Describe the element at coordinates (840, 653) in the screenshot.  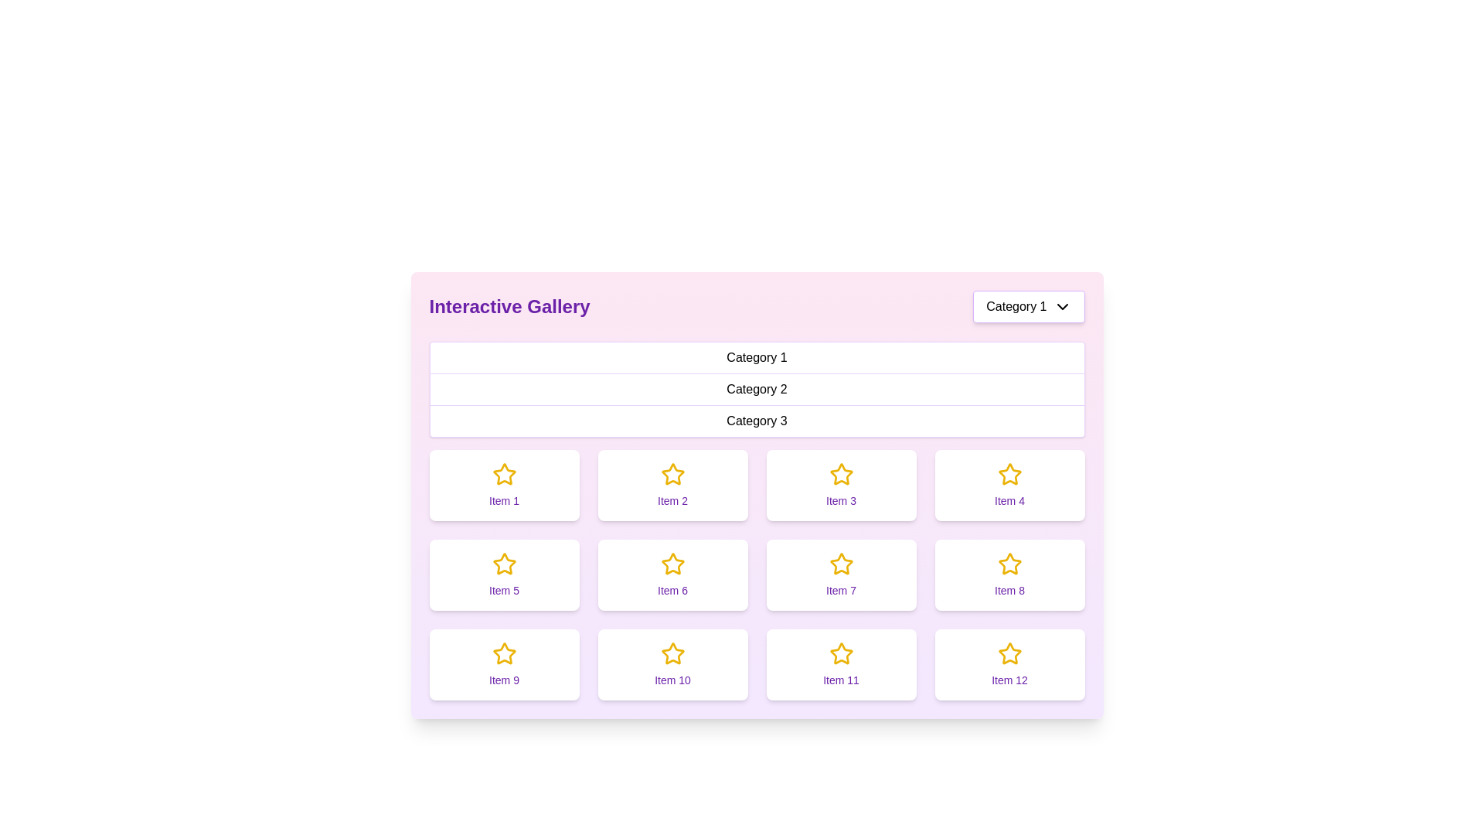
I see `the star icon with a yellow outline located inside the card labeled 'Item 11', which is positioned at the bottom row of the grid layout` at that location.